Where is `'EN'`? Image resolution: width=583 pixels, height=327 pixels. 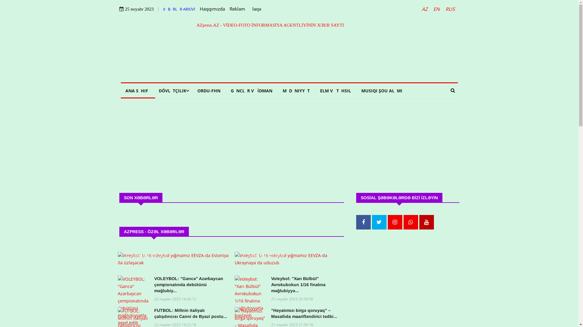 'EN' is located at coordinates (436, 9).